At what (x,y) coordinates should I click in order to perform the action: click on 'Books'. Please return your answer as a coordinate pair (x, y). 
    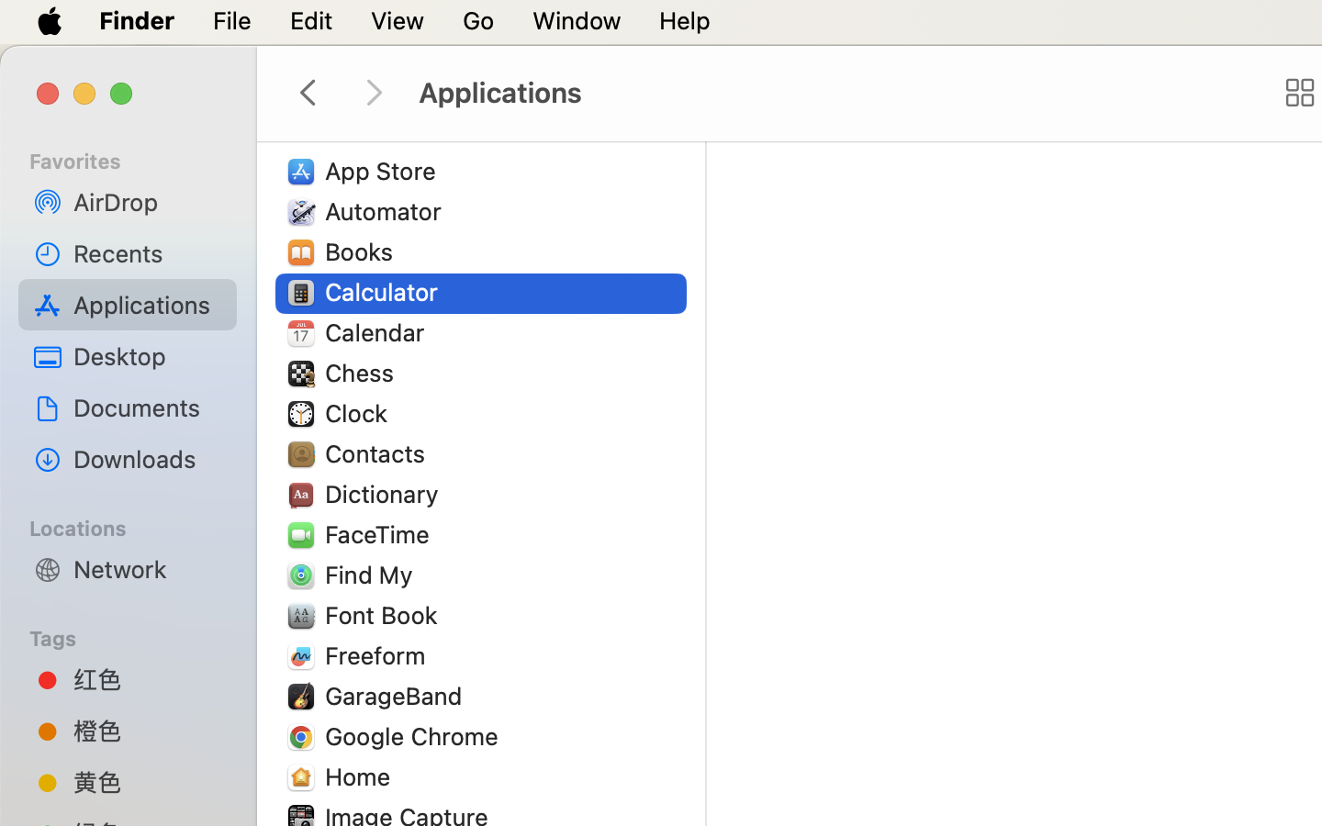
    Looking at the image, I should click on (363, 250).